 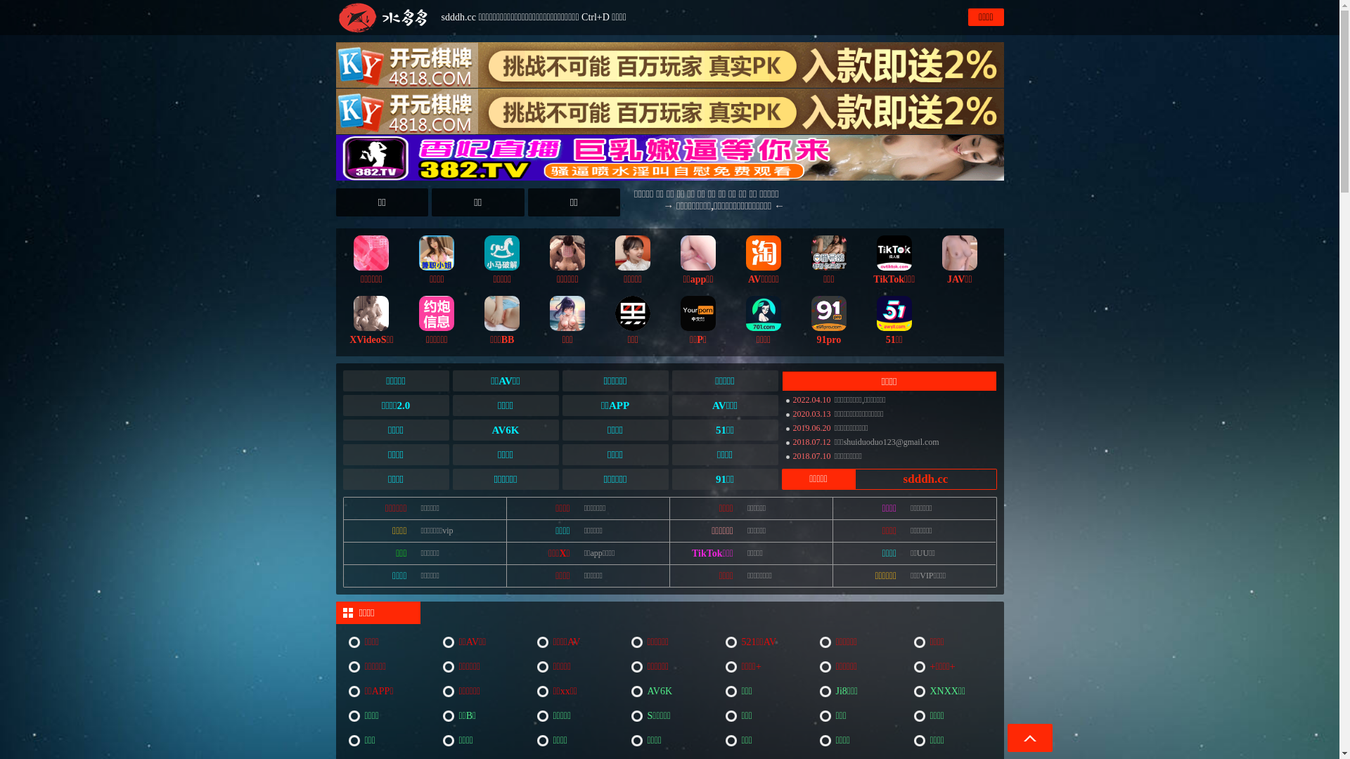 I want to click on 'AV6K', so click(x=670, y=690).